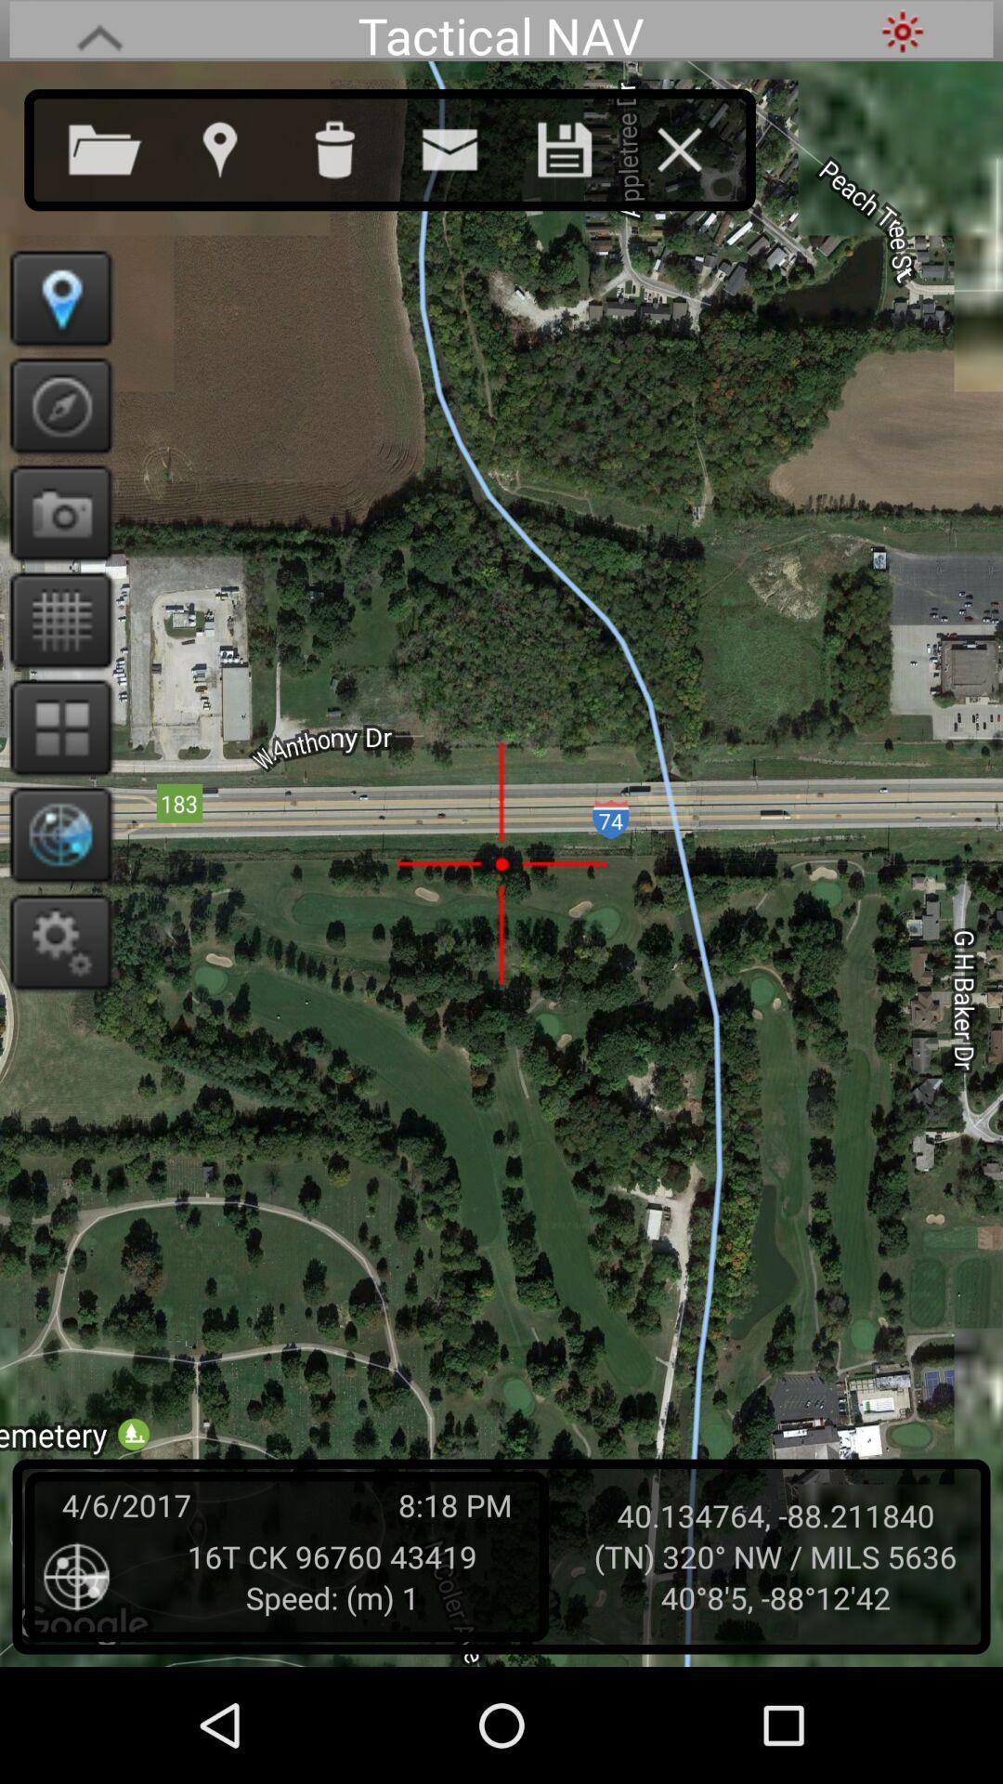 Image resolution: width=1003 pixels, height=1784 pixels. Describe the element at coordinates (54, 298) in the screenshot. I see `exact location` at that location.